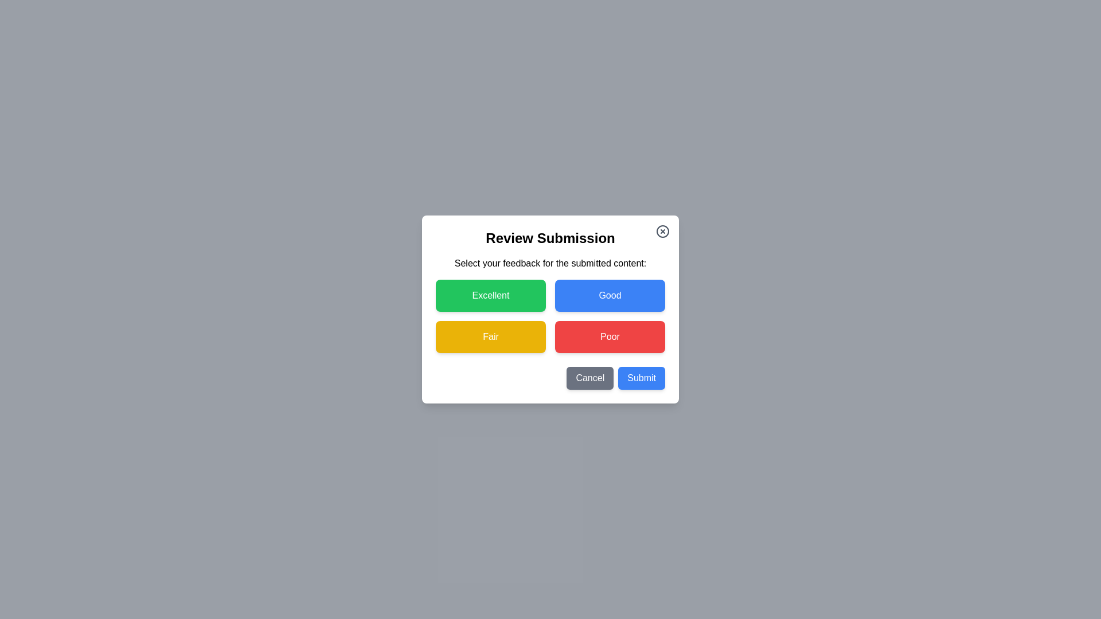 This screenshot has height=619, width=1101. Describe the element at coordinates (641, 378) in the screenshot. I see `the 'Submit' button to submit the selected feedback` at that location.